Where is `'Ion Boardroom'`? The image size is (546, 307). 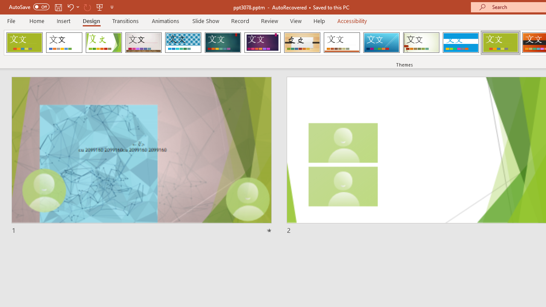
'Ion Boardroom' is located at coordinates (262, 43).